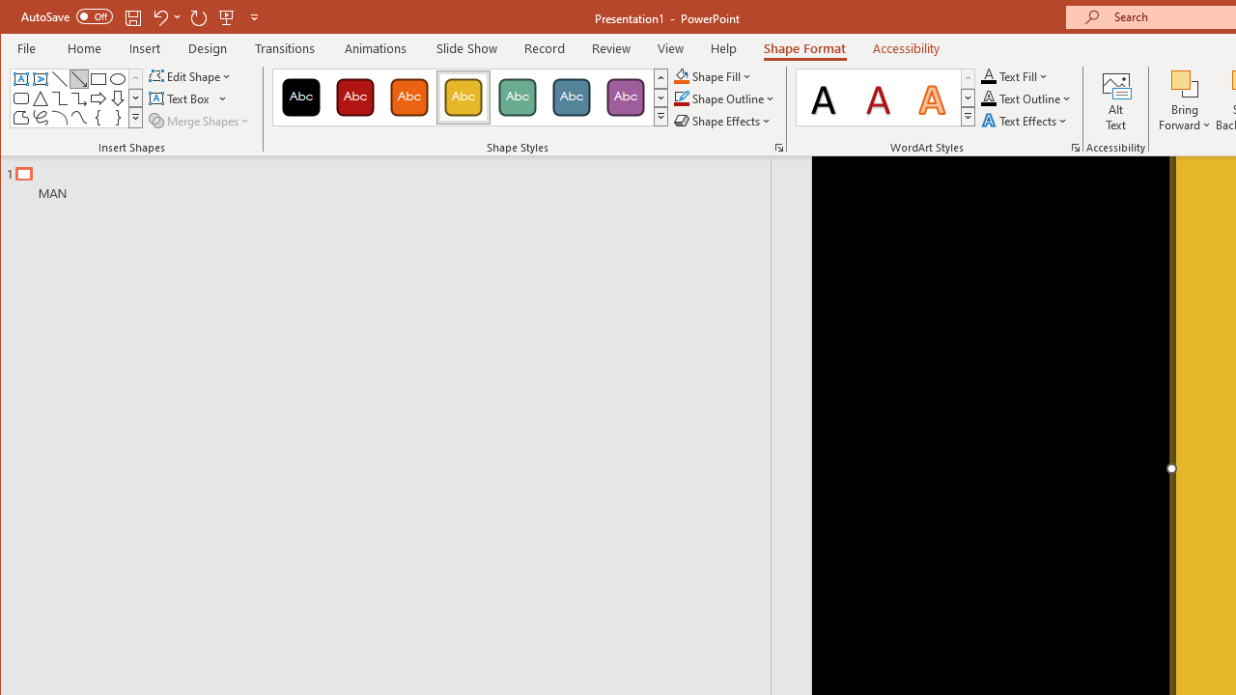  I want to click on 'Colored Fill - Black, Dark 1', so click(300, 97).